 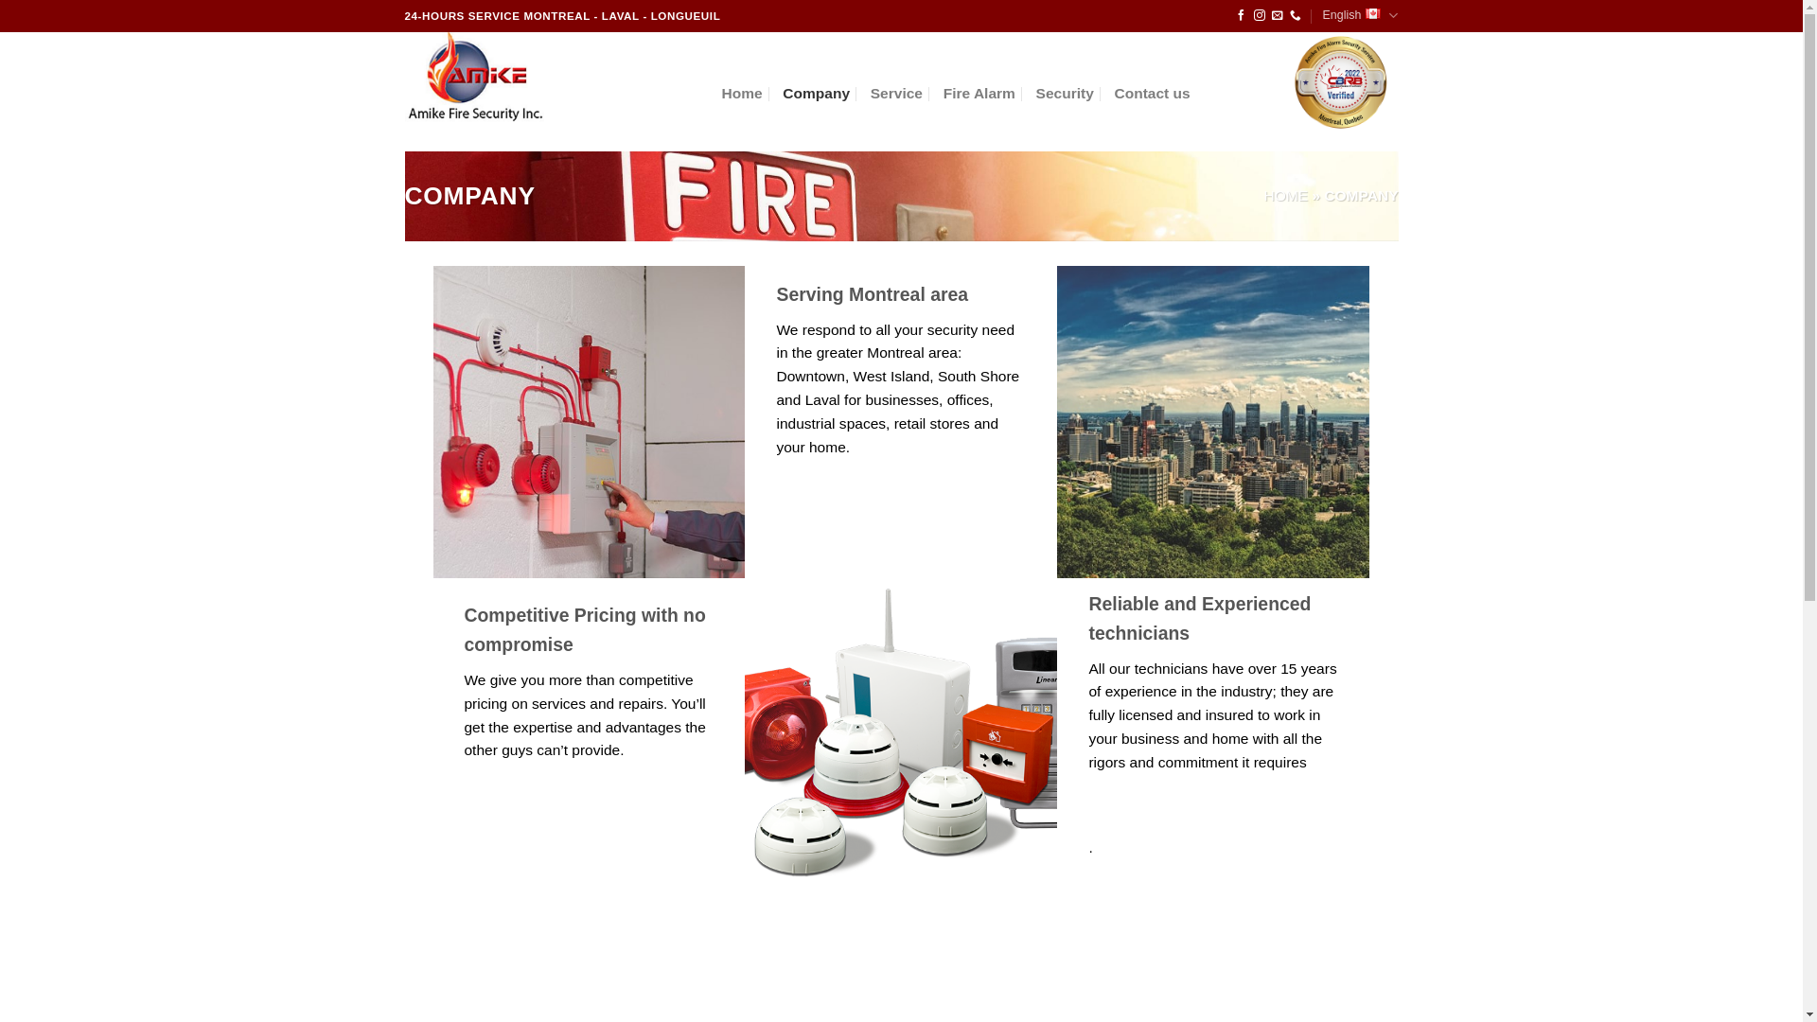 I want to click on 'Company', so click(x=816, y=93).